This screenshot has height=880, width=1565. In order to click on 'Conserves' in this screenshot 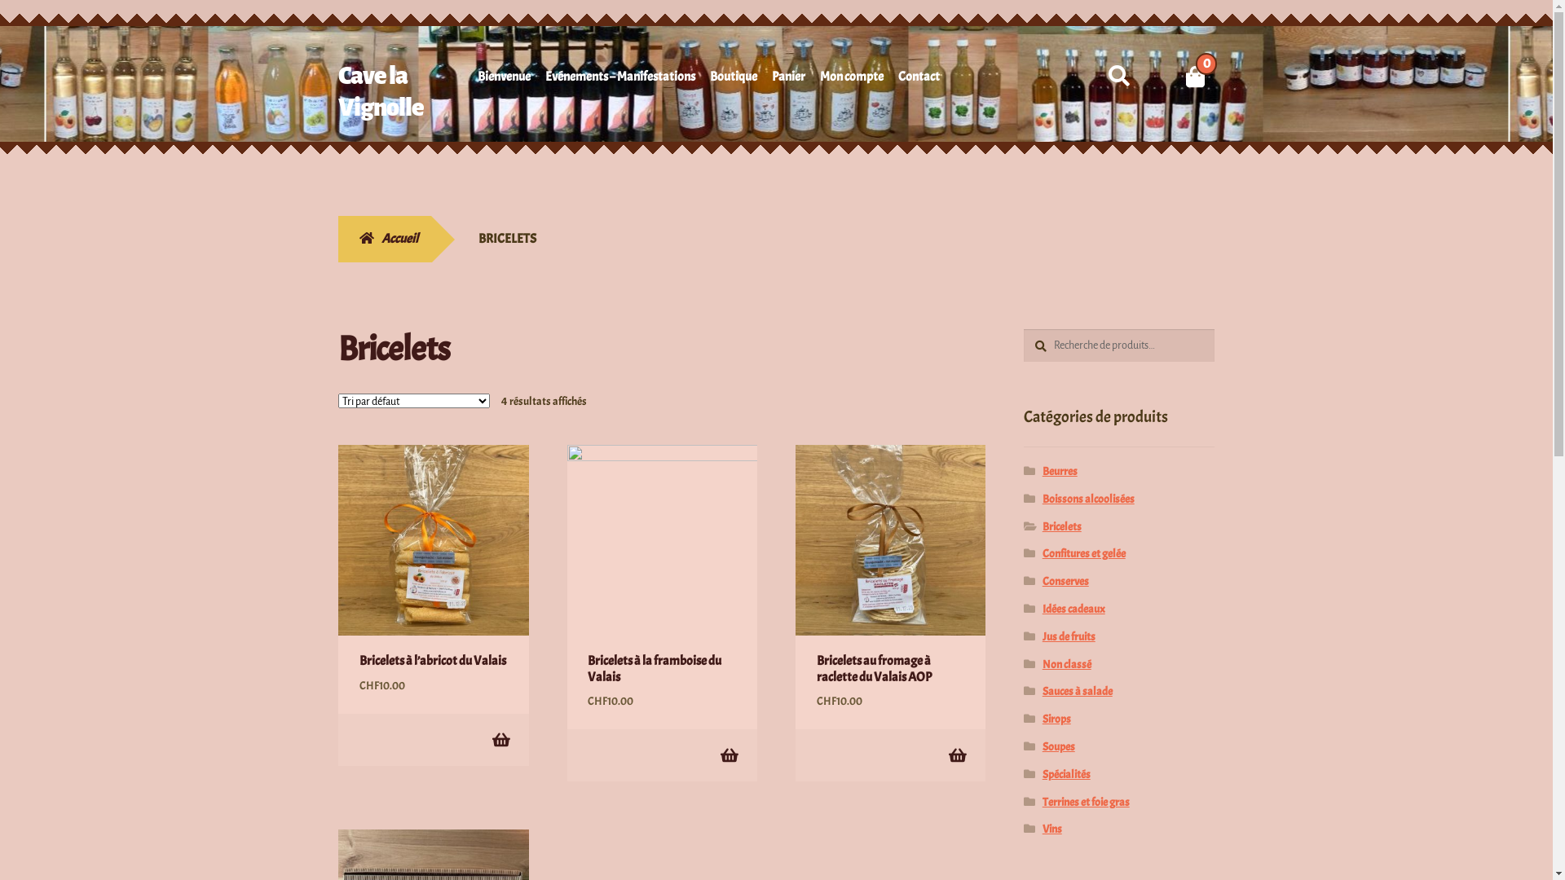, I will do `click(1065, 580)`.